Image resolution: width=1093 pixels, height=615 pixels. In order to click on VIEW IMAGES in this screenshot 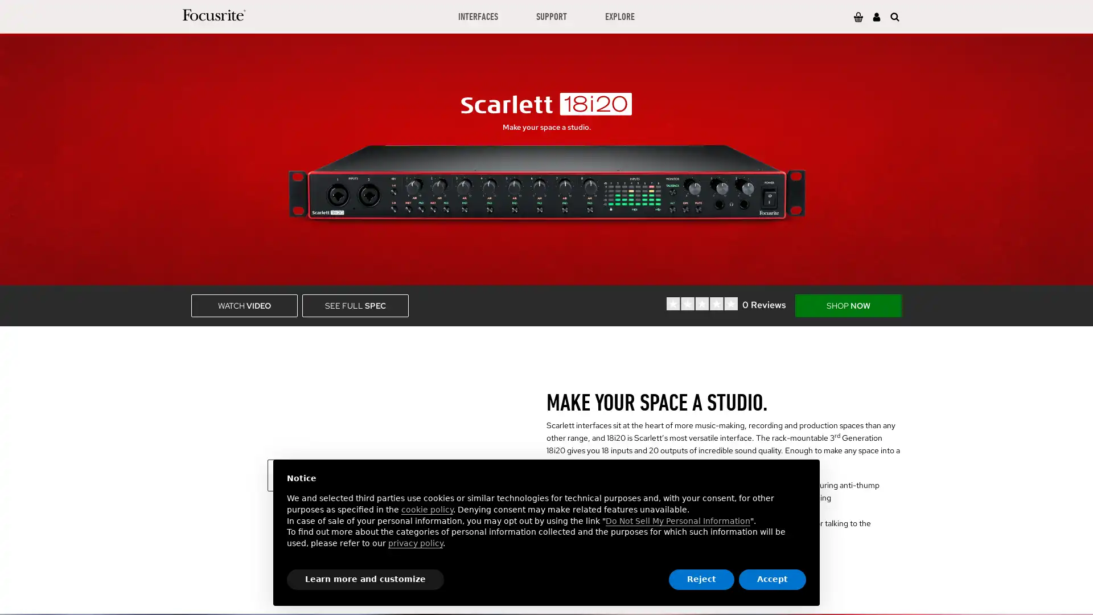, I will do `click(335, 474)`.